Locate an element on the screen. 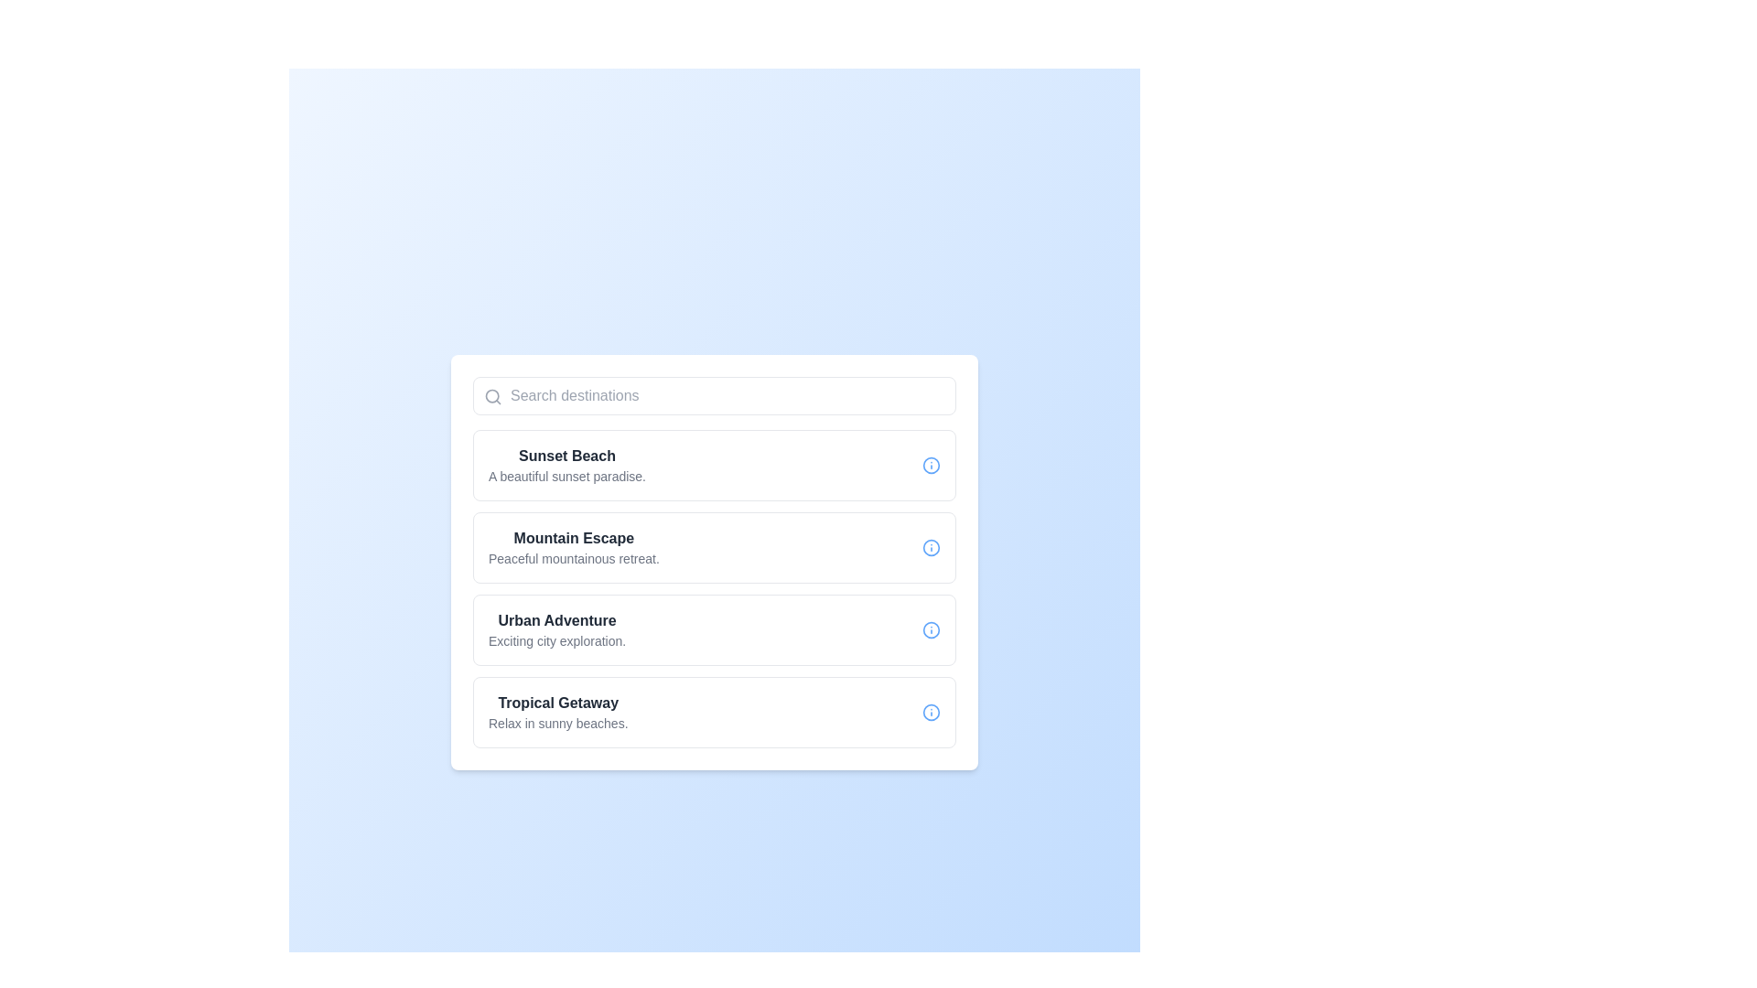 The height and width of the screenshot is (988, 1757). text label located directly below the heading 'Mountain Escape,' which serves as a descriptive subtitle for additional context is located at coordinates (573, 557).